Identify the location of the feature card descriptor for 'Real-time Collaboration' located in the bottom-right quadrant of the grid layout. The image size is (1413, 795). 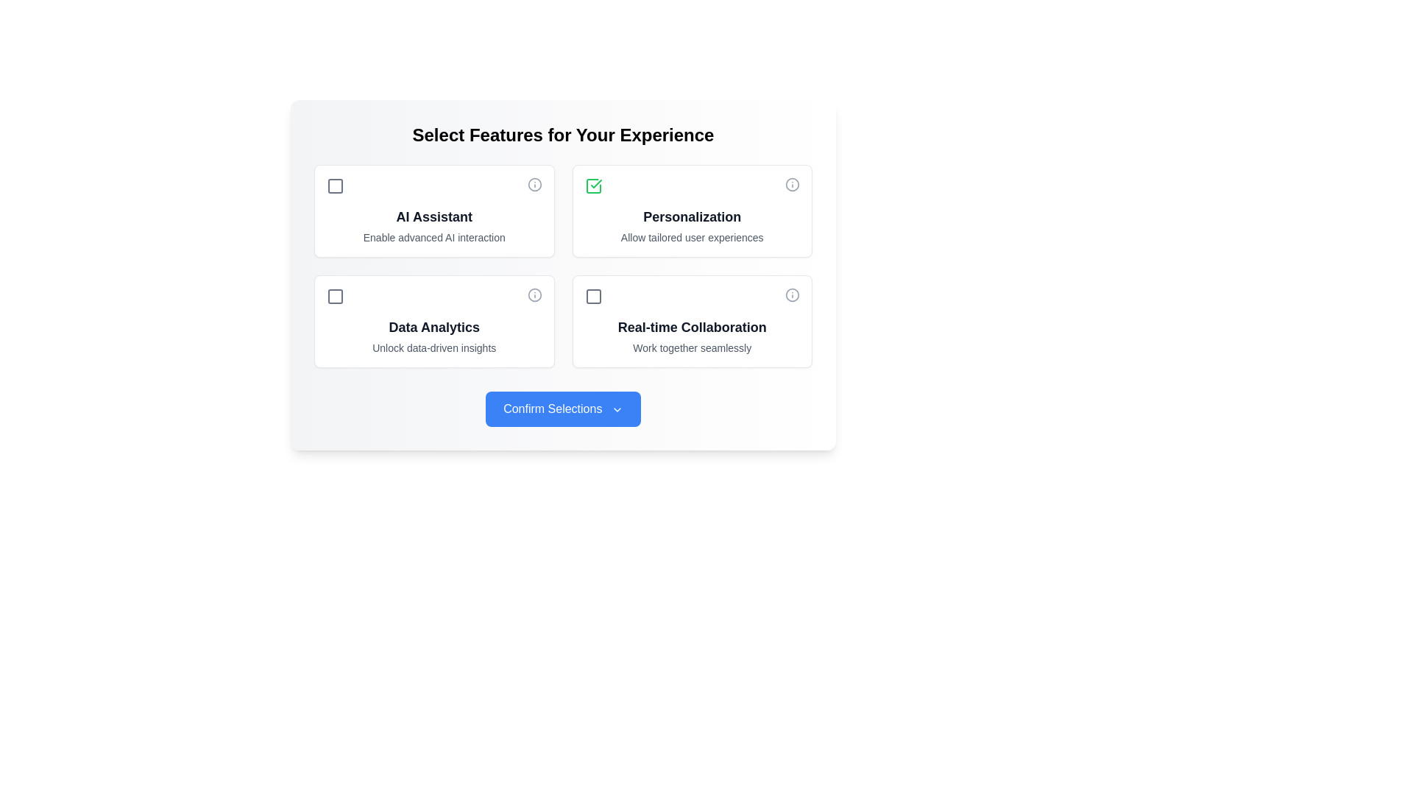
(691, 336).